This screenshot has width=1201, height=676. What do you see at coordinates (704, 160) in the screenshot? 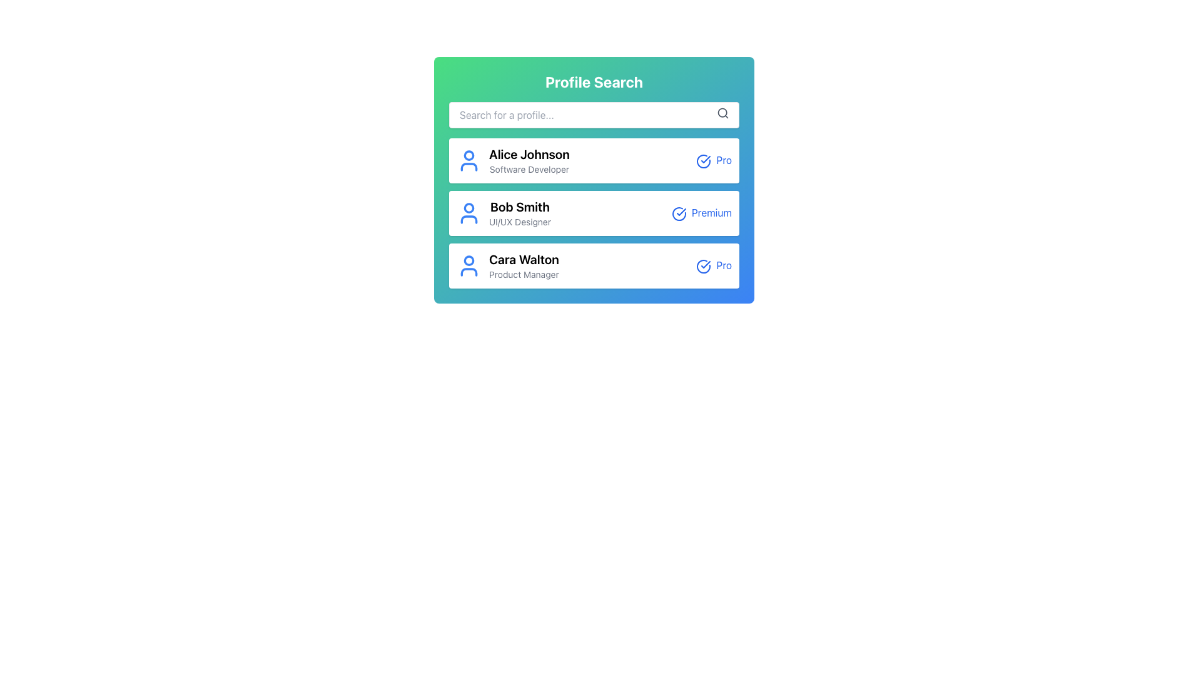
I see `the circular blue outlined icon with a checkmark, located to the right of 'Alice Johnson' and the label 'Pro' in the top item of the list` at bounding box center [704, 160].